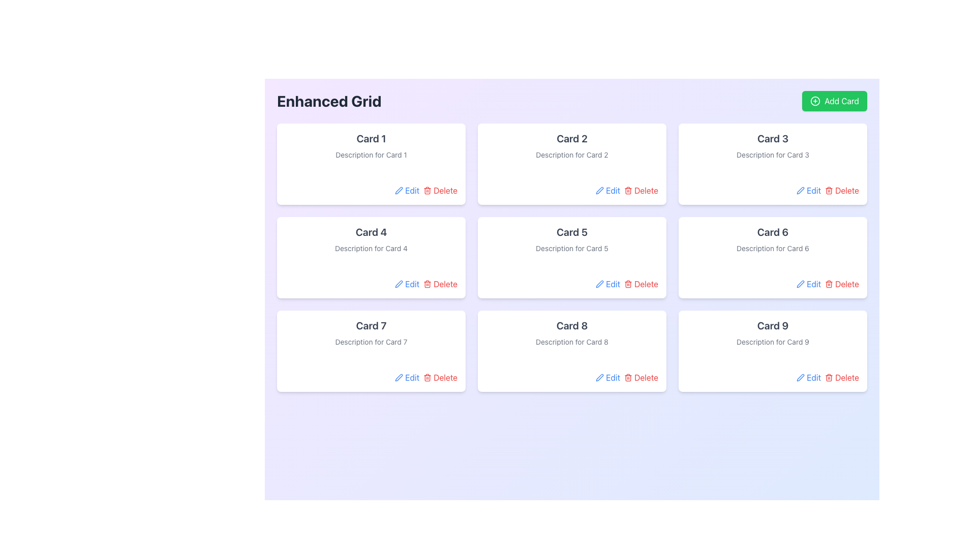 The image size is (976, 549). What do you see at coordinates (600, 284) in the screenshot?
I see `the pen icon outlined in blue located to the left of the 'Edit' text label in the action bar at the bottom of Card 5` at bounding box center [600, 284].